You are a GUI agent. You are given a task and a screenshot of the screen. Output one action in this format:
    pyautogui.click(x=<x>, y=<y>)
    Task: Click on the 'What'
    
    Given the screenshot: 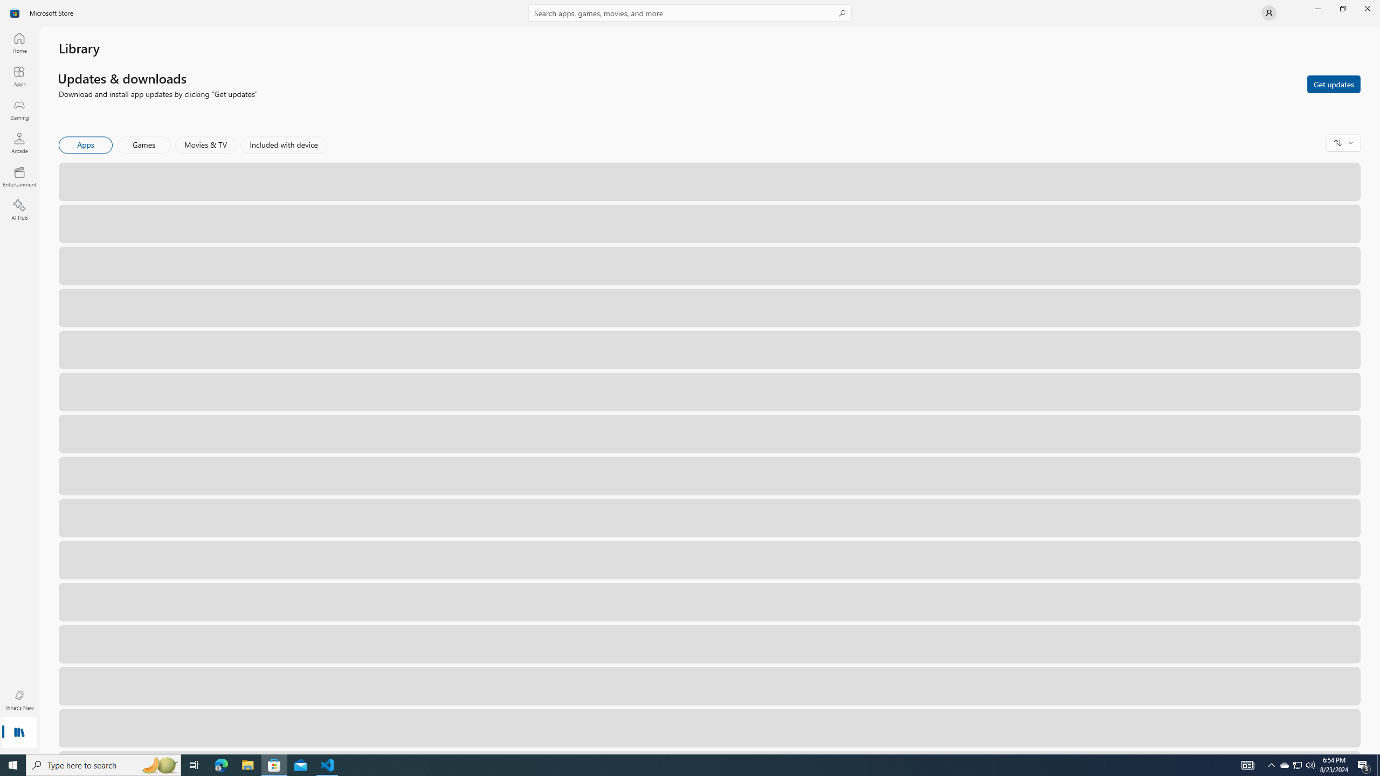 What is the action you would take?
    pyautogui.click(x=18, y=699)
    